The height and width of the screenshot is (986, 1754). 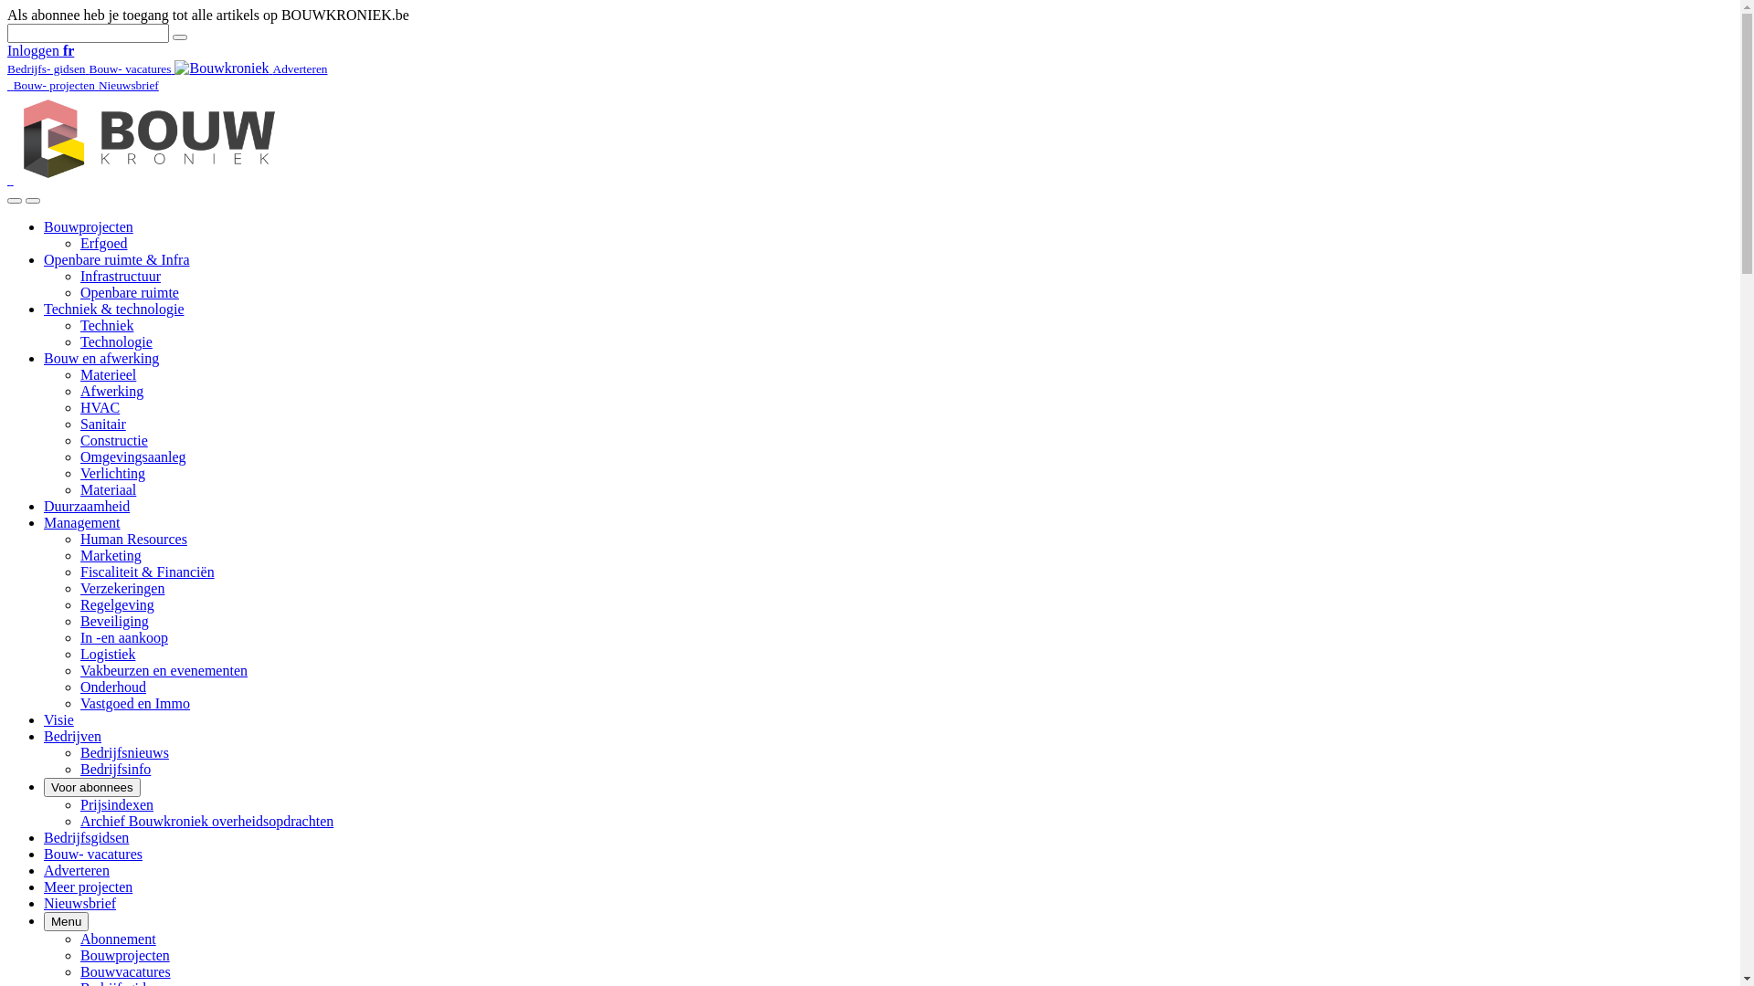 What do you see at coordinates (56, 84) in the screenshot?
I see `'Bouw- projecten'` at bounding box center [56, 84].